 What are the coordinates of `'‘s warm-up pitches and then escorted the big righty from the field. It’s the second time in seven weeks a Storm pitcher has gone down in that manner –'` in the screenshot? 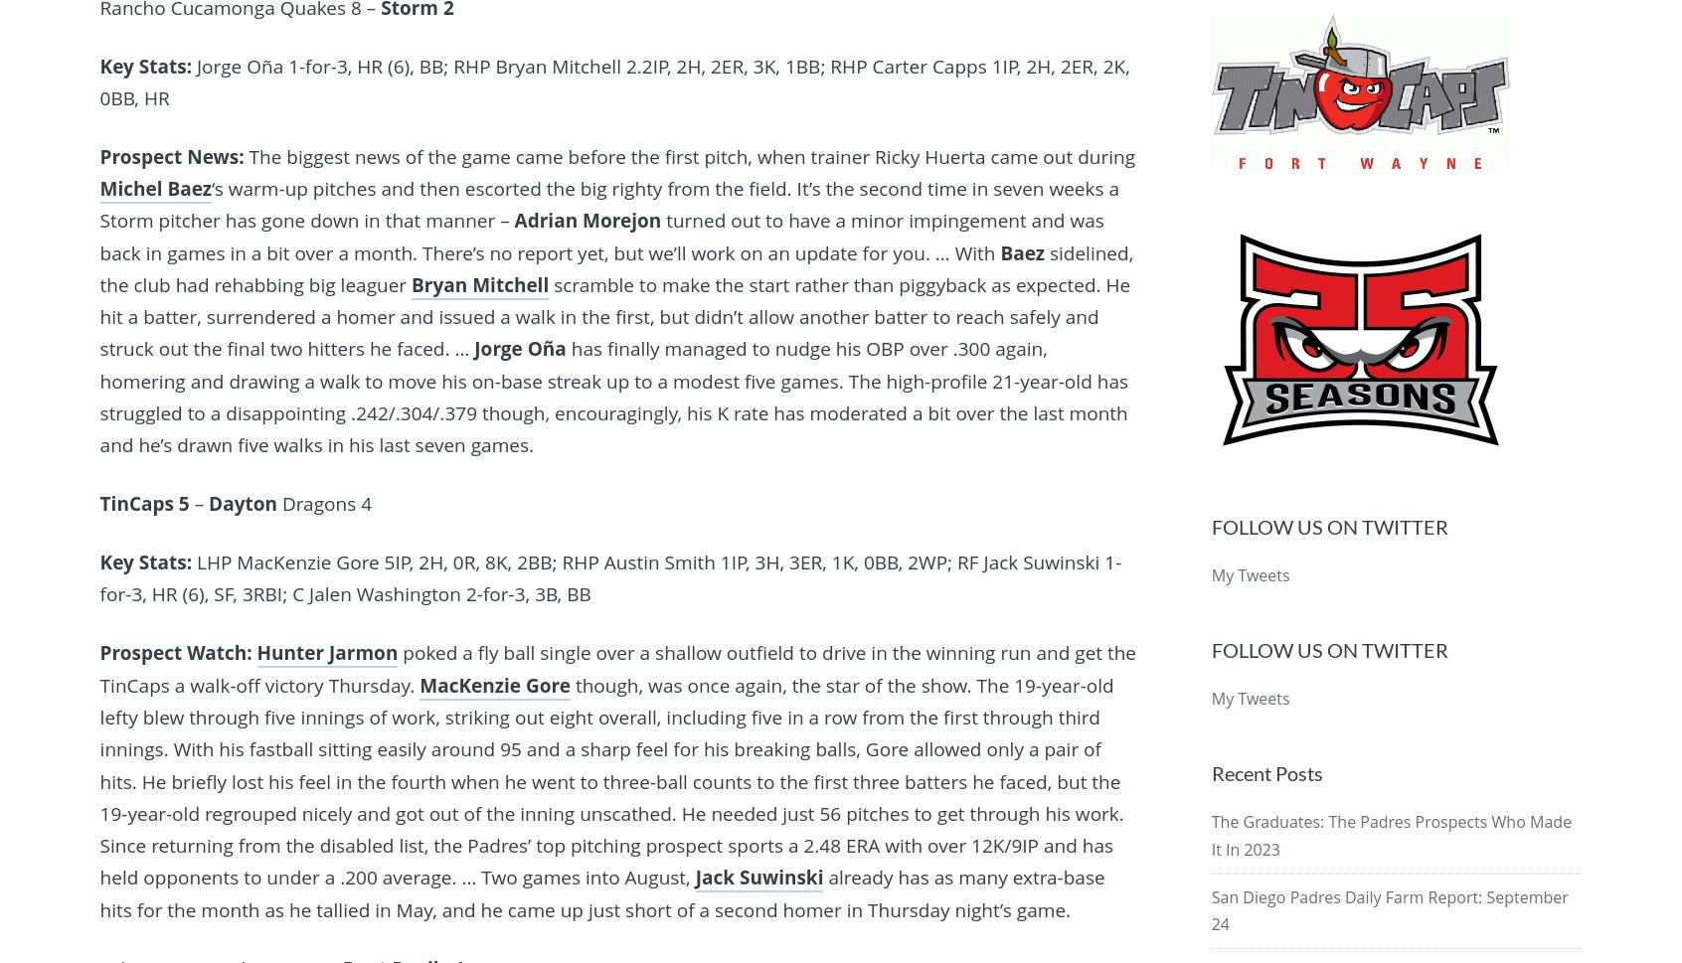 It's located at (98, 205).